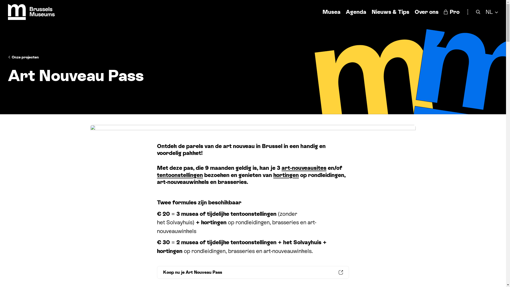 This screenshot has height=287, width=510. I want to click on 'Nieuws & Tips', so click(371, 12).